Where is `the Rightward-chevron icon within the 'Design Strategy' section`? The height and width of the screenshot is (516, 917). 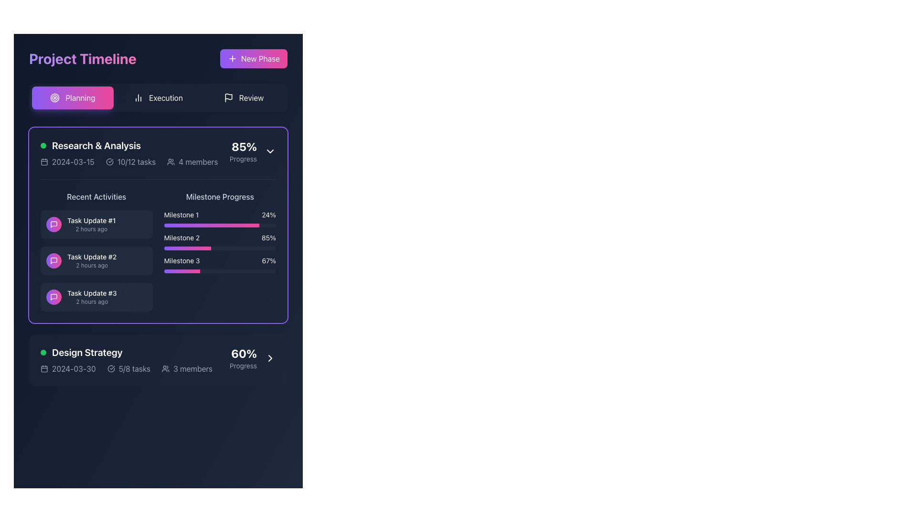 the Rightward-chevron icon within the 'Design Strategy' section is located at coordinates (270, 358).